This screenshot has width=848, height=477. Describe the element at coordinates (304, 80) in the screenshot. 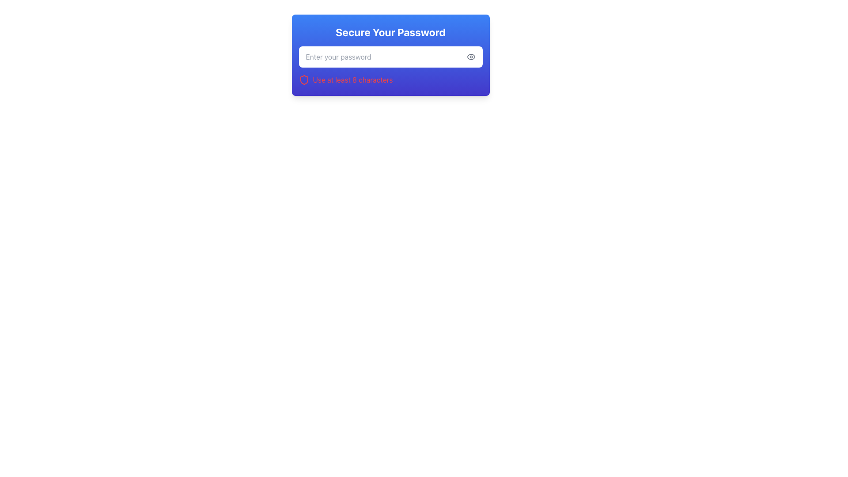

I see `the red shield-like icon located to the left of the 'Use at least 8 characters' warning message below the password input field` at that location.